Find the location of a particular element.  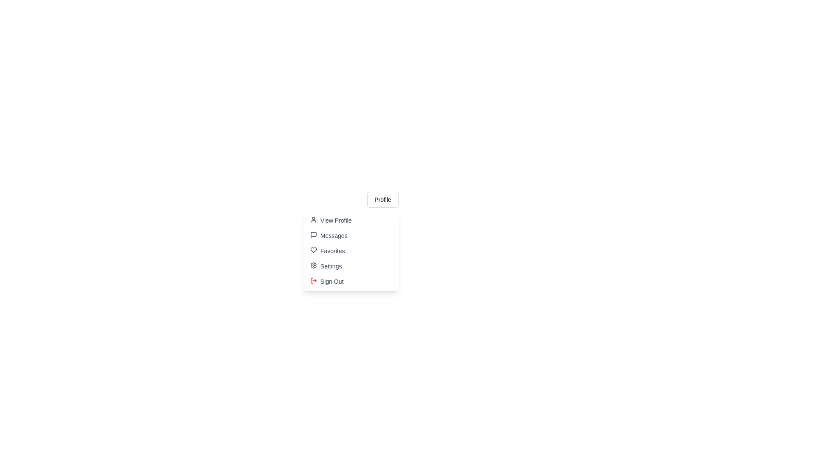

the 'View Profile' option in the dropdown menu, which is represented by an SVG user avatar icon located to the left of the text 'View Profile' is located at coordinates (313, 219).